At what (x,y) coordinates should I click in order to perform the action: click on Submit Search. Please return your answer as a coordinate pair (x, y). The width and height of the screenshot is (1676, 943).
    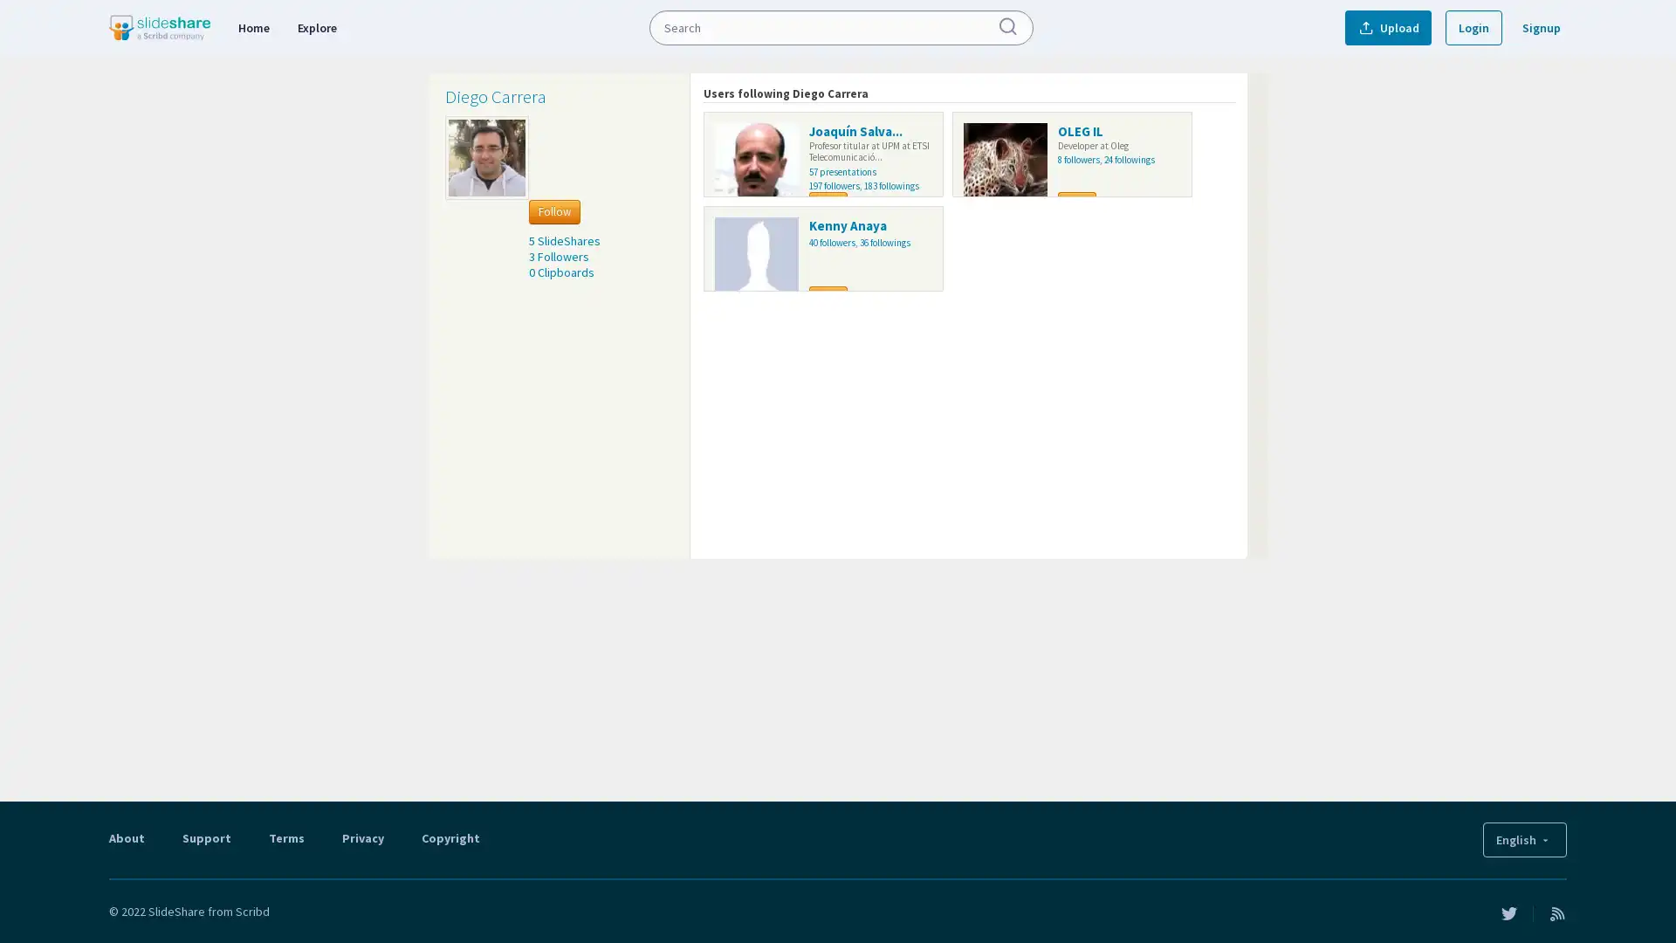
    Looking at the image, I should click on (1006, 26).